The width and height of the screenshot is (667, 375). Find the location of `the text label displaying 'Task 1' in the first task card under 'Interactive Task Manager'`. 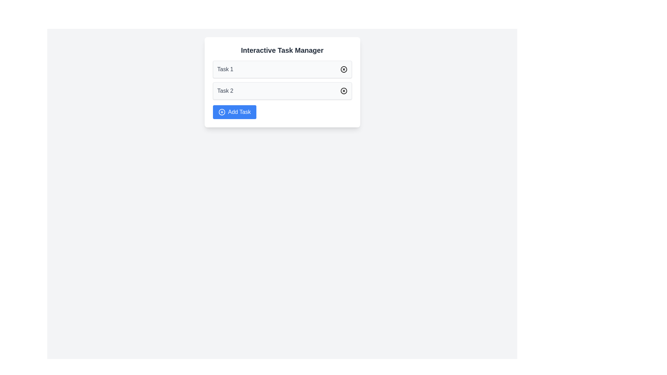

the text label displaying 'Task 1' in the first task card under 'Interactive Task Manager' is located at coordinates (225, 69).